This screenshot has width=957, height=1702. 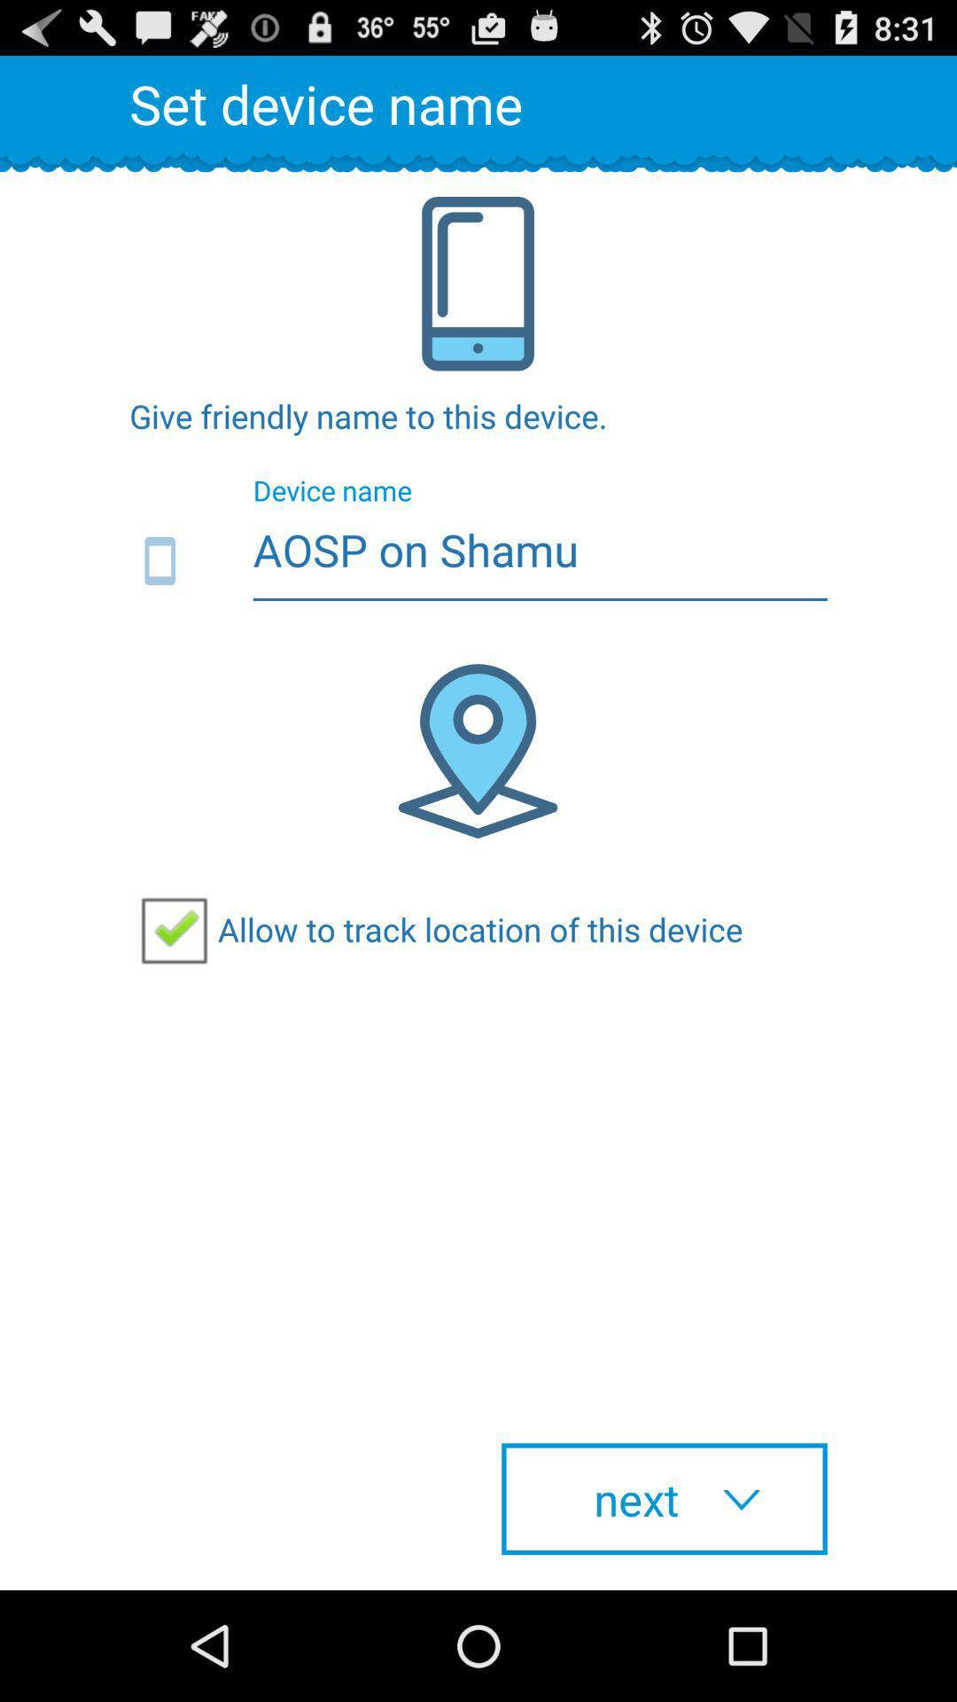 I want to click on the aosp on shamu icon, so click(x=478, y=561).